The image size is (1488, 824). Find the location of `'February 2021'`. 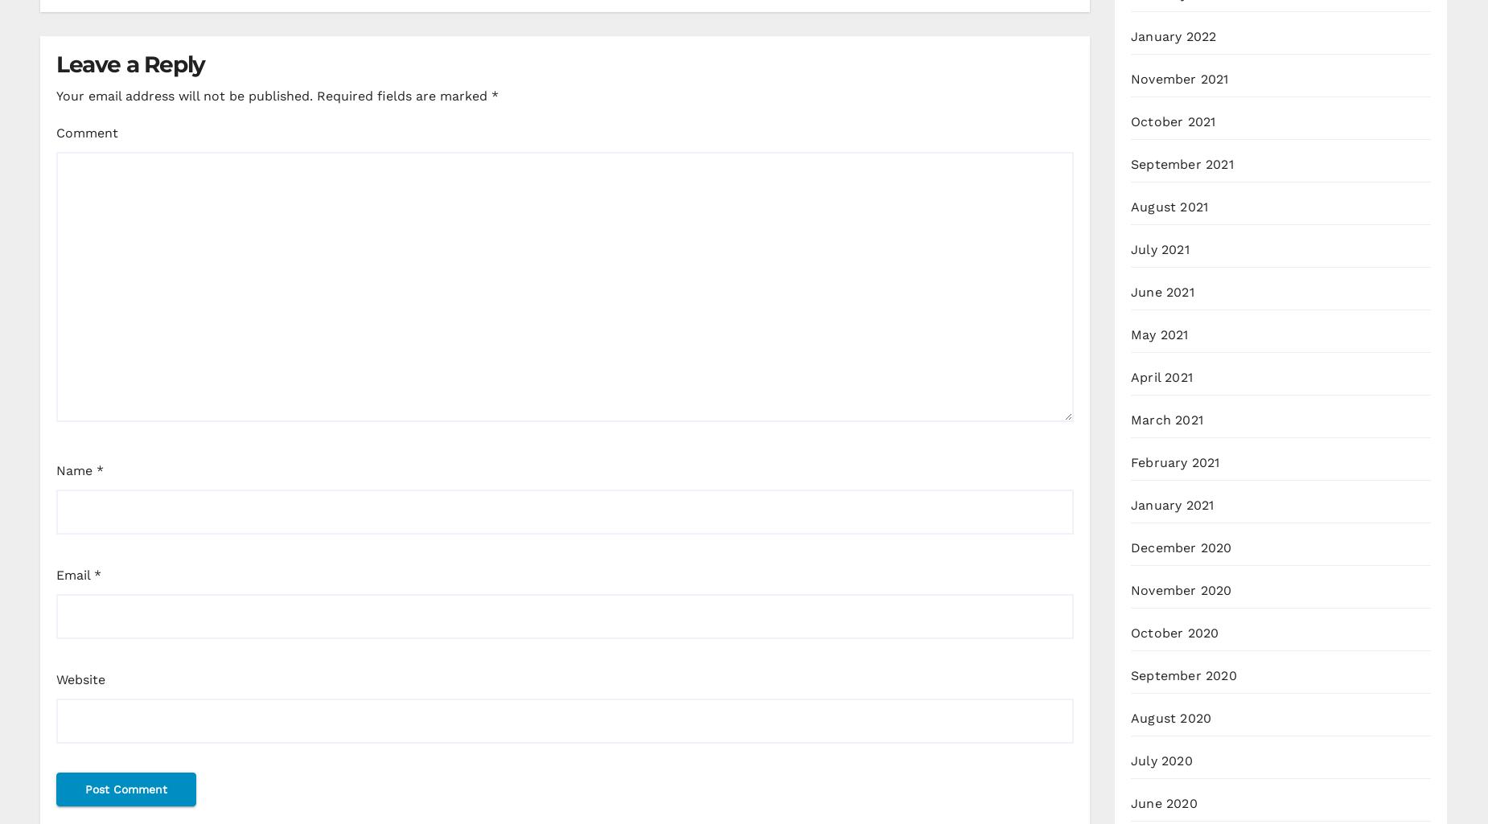

'February 2021' is located at coordinates (1174, 462).